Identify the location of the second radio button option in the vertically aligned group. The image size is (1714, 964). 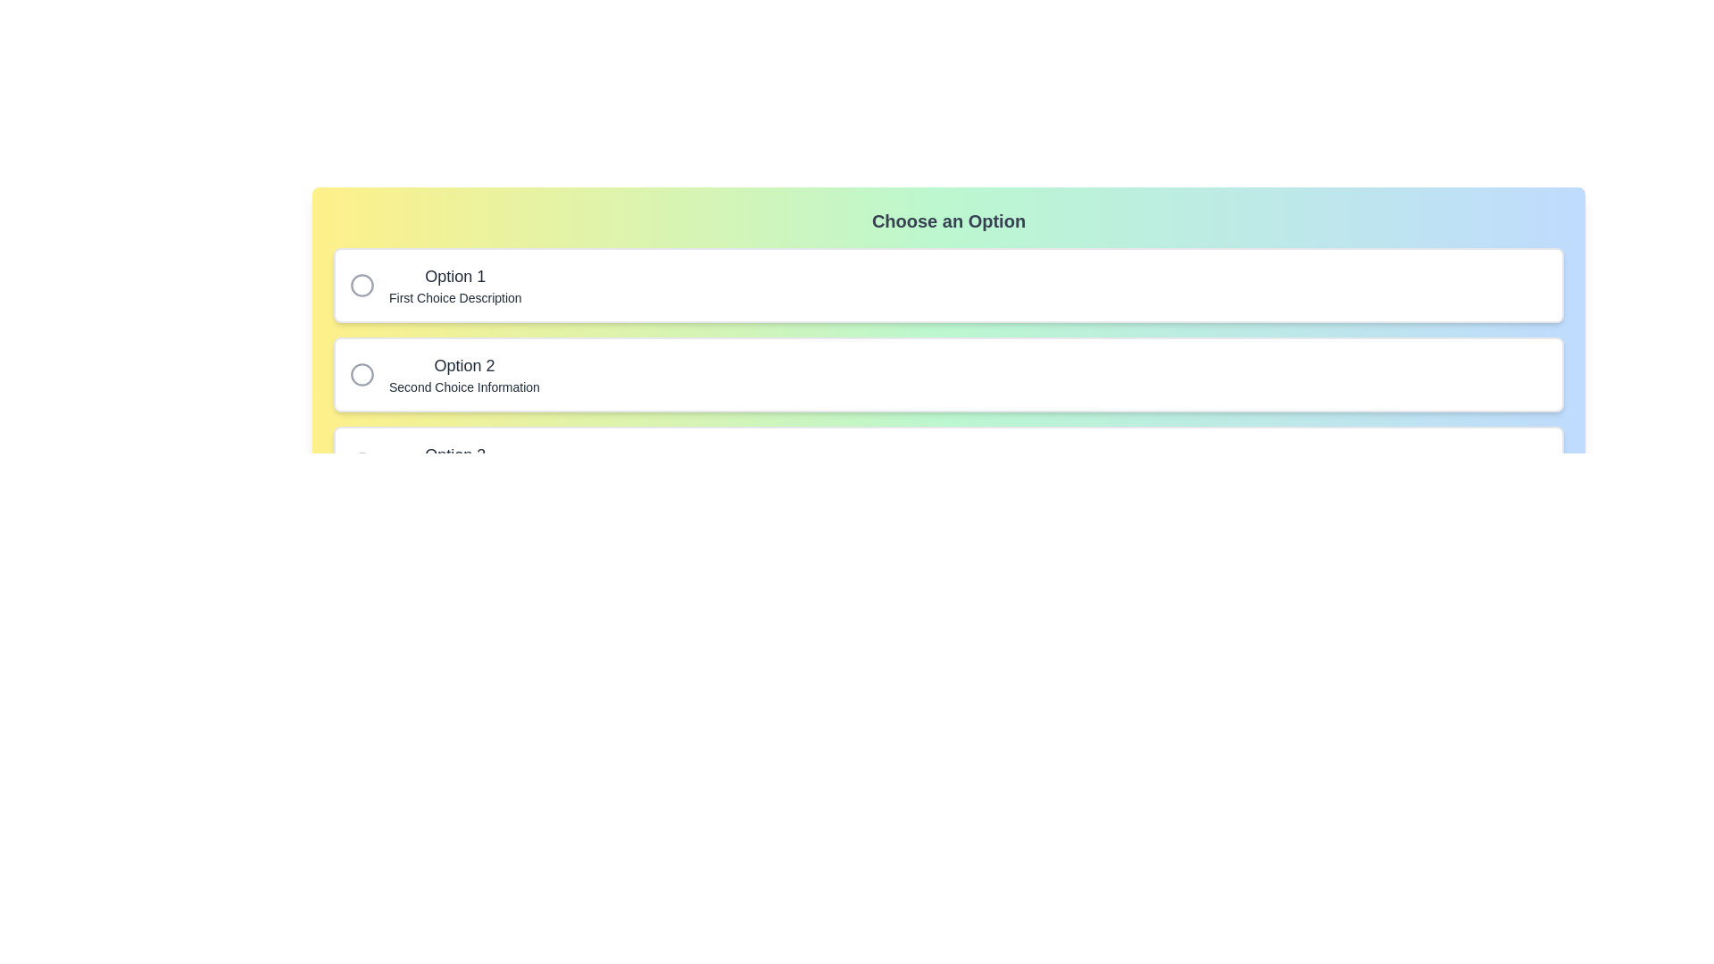
(947, 374).